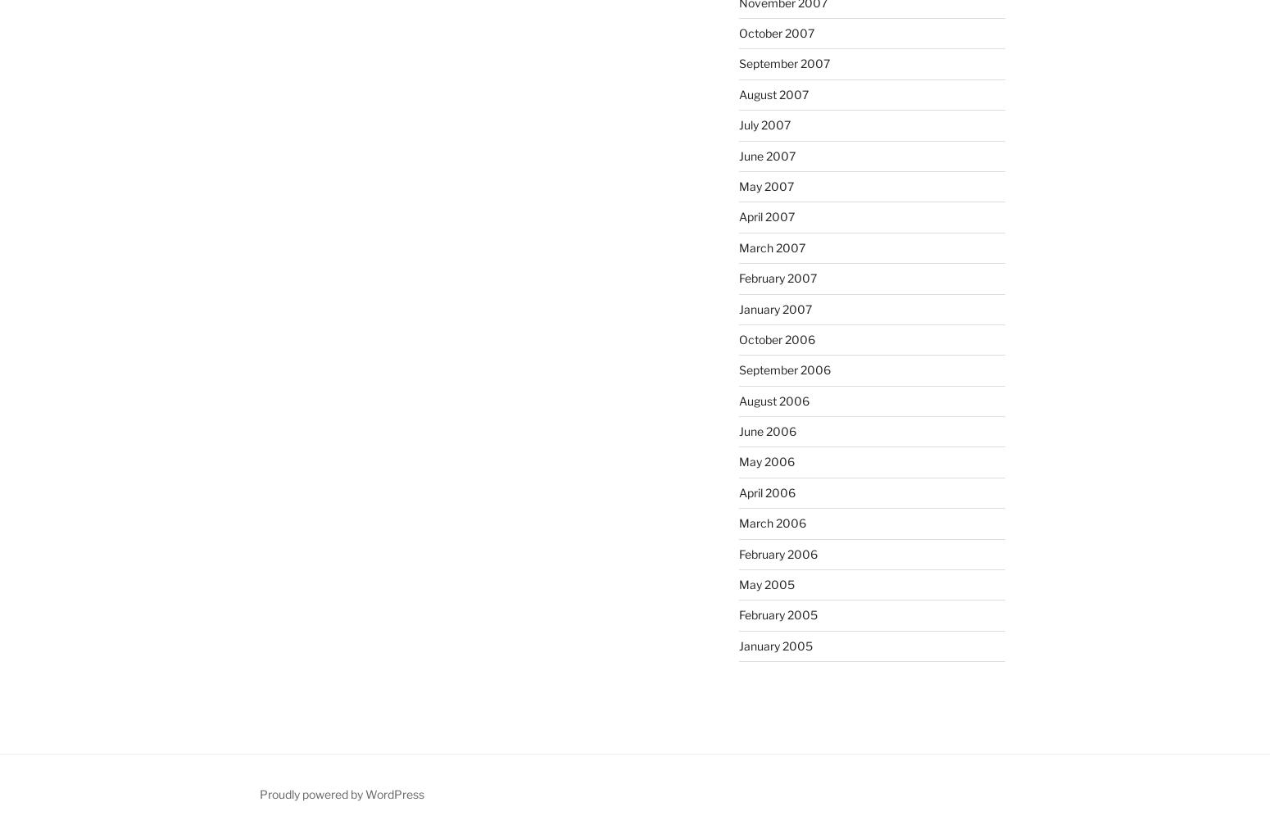 Image resolution: width=1270 pixels, height=825 pixels. What do you see at coordinates (772, 93) in the screenshot?
I see `'August 2007'` at bounding box center [772, 93].